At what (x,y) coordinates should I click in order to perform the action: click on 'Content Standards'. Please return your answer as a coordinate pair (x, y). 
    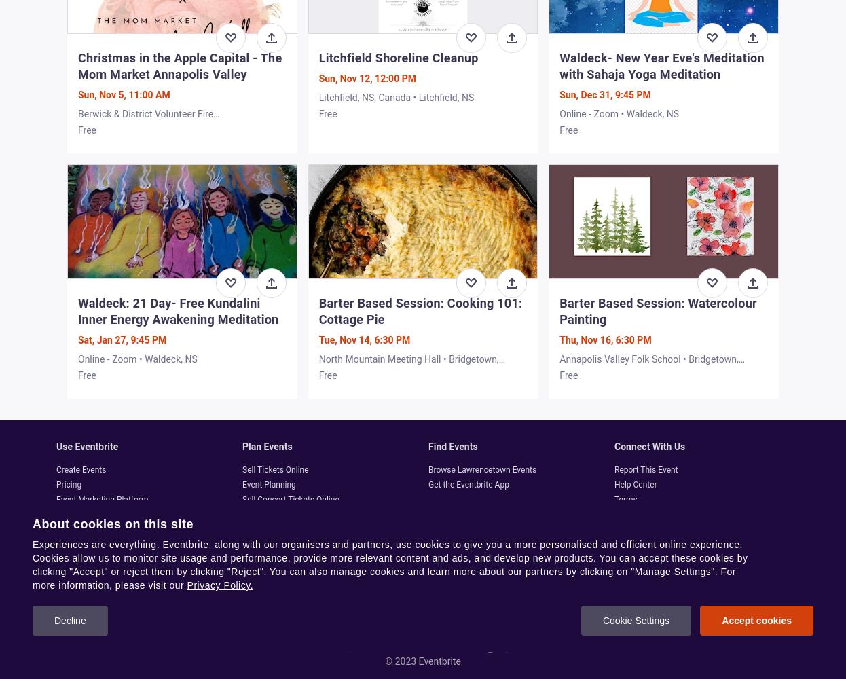
    Looking at the image, I should click on (89, 574).